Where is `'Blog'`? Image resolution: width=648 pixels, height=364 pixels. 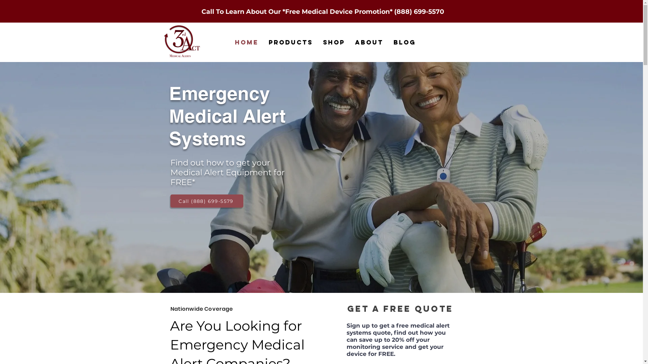 'Blog' is located at coordinates (404, 42).